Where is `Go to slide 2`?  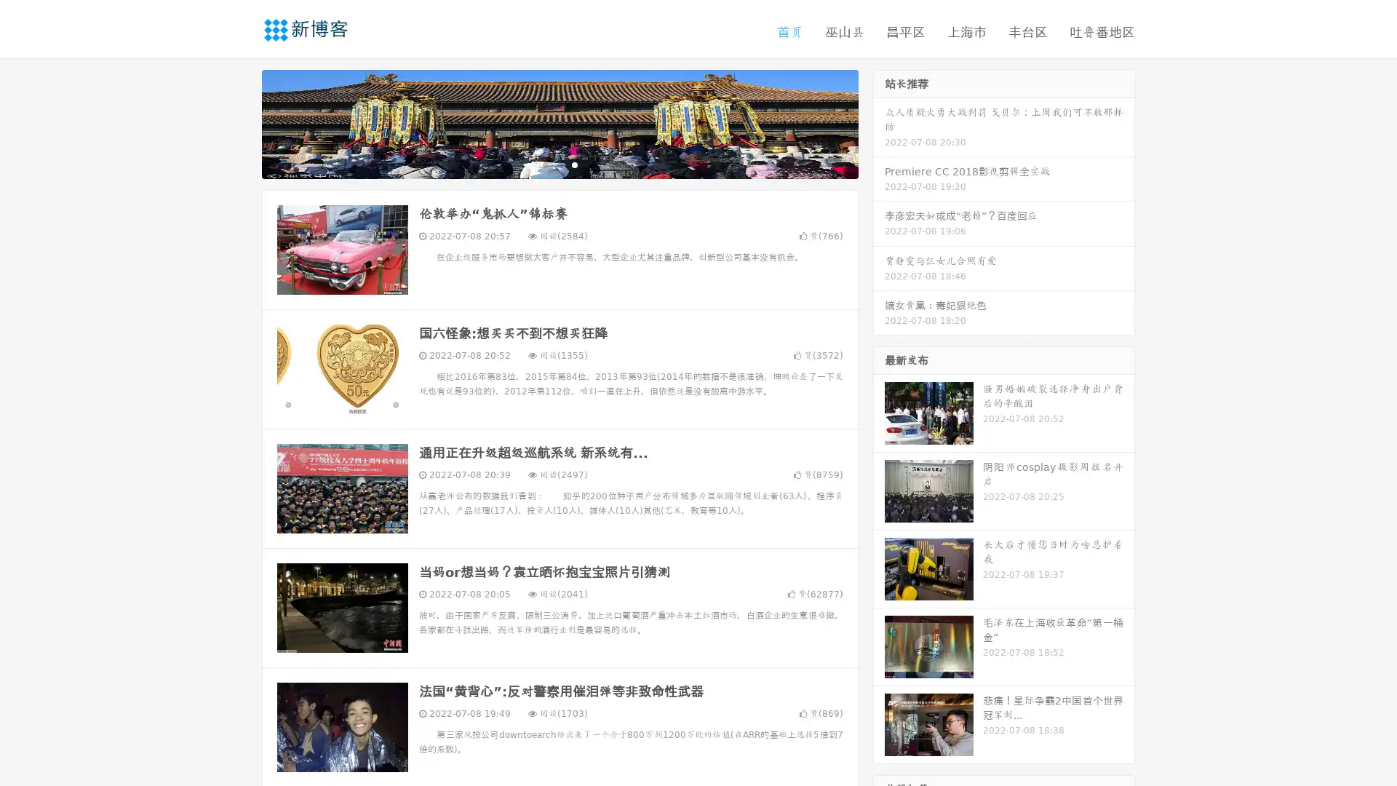
Go to slide 2 is located at coordinates (559, 164).